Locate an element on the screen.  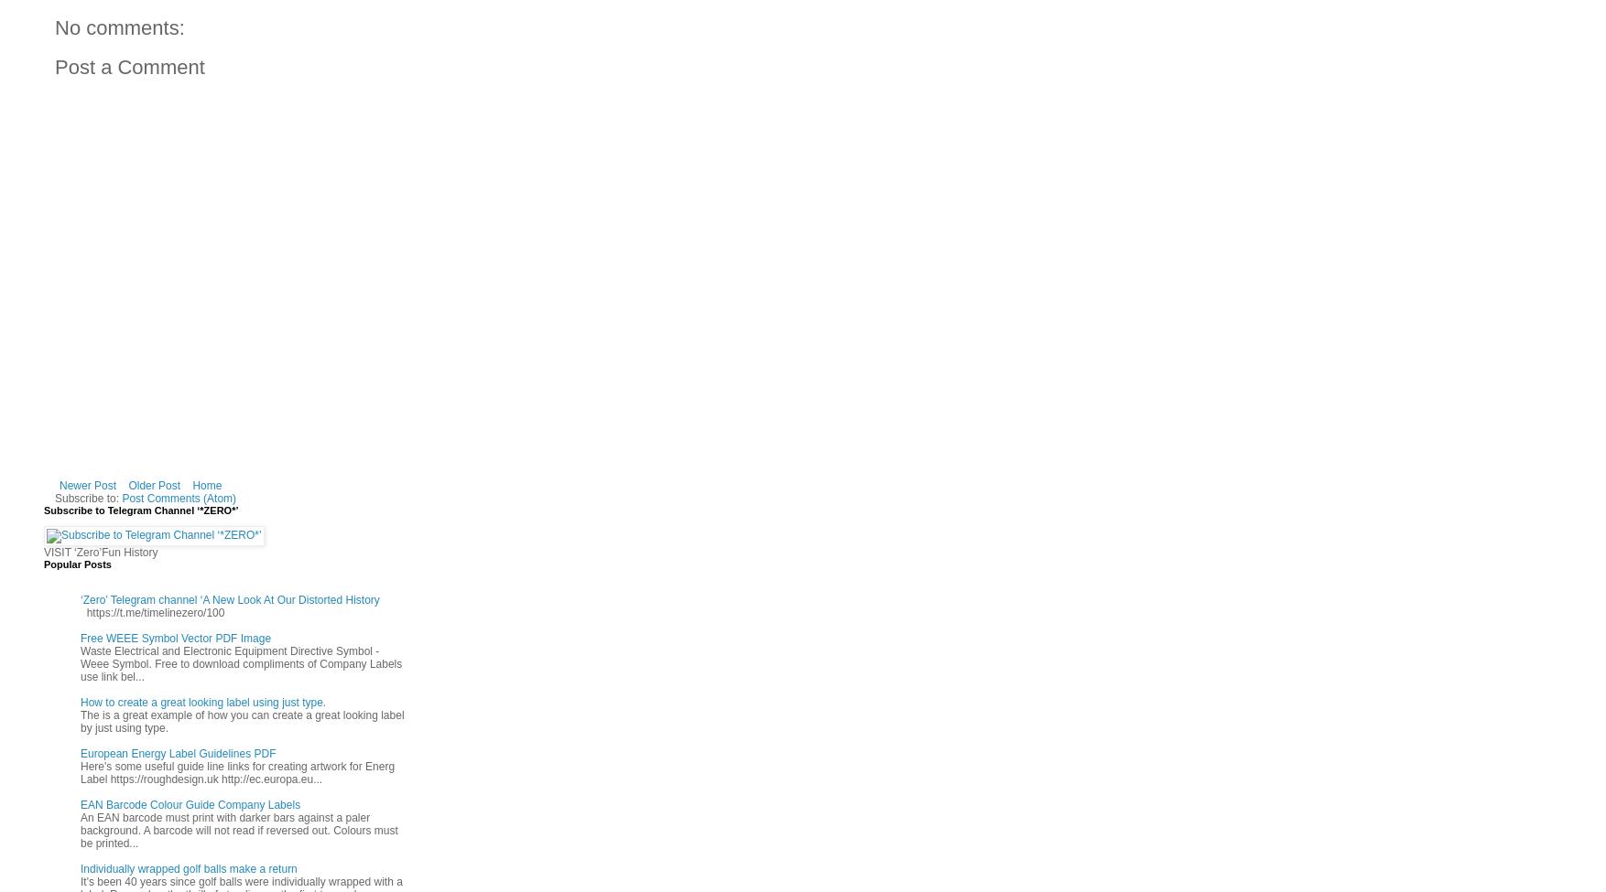
'Popular Posts' is located at coordinates (44, 564).